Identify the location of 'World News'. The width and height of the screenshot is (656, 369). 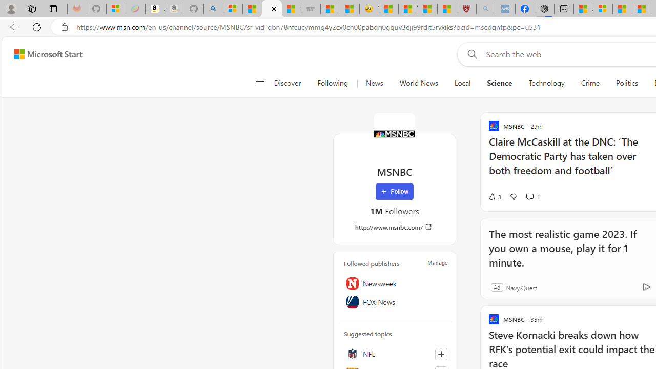
(419, 83).